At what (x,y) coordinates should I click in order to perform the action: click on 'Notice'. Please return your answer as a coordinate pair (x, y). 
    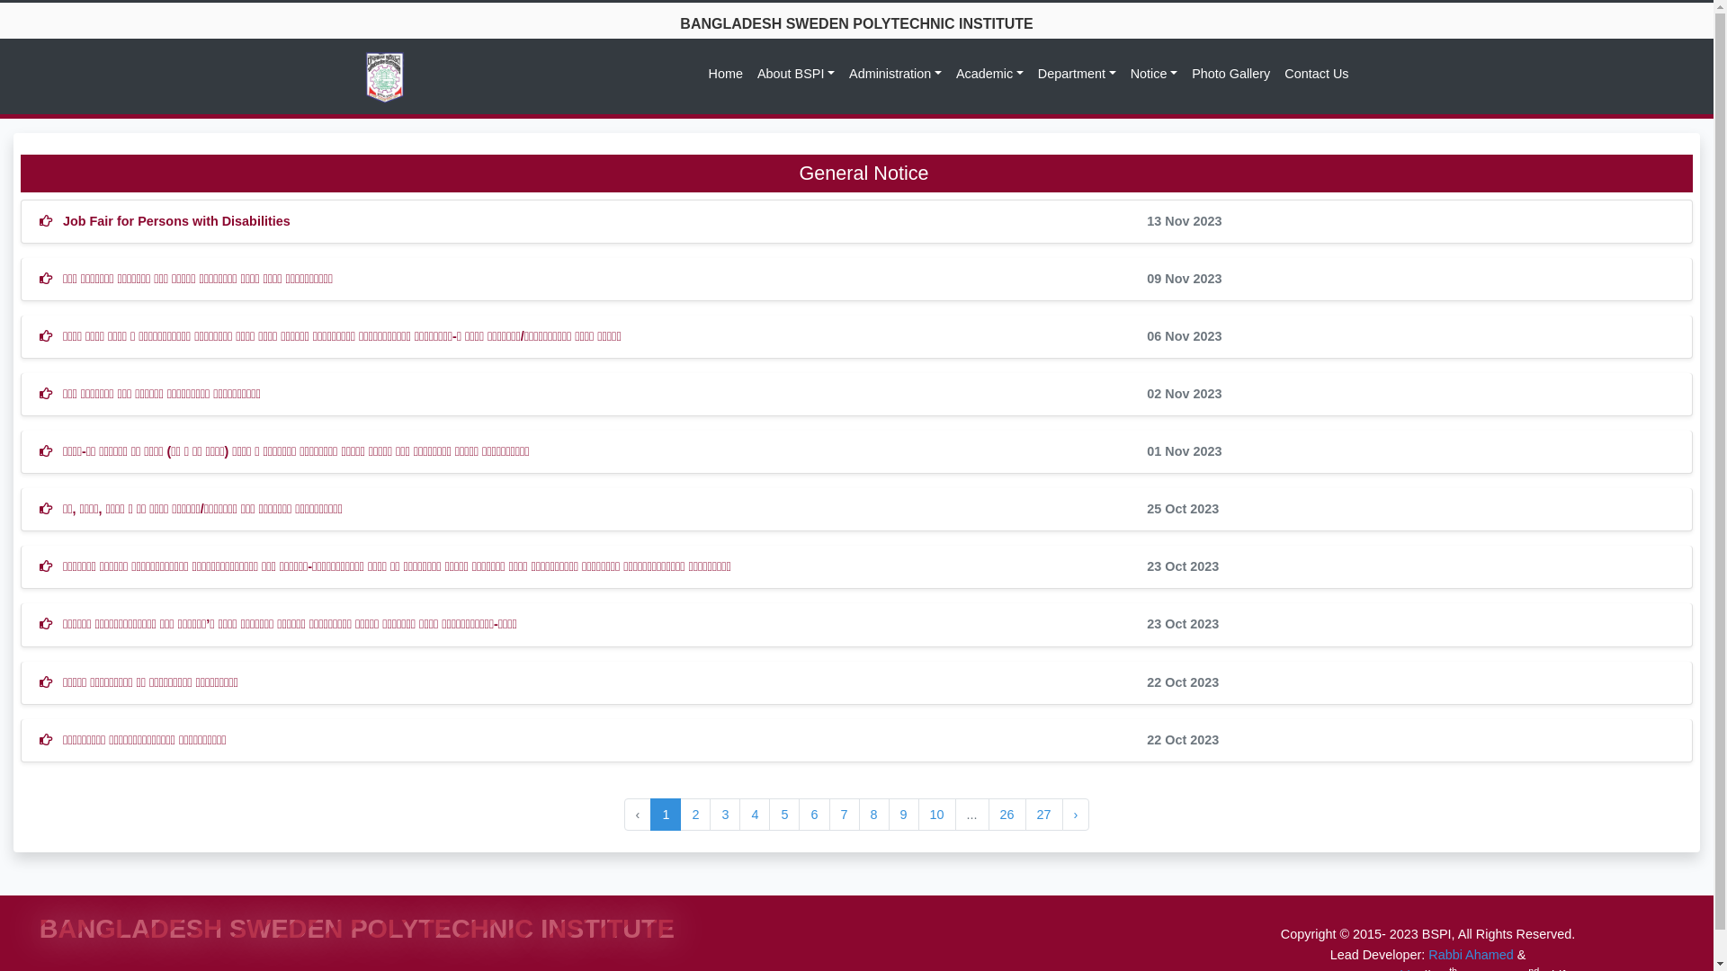
    Looking at the image, I should click on (1153, 73).